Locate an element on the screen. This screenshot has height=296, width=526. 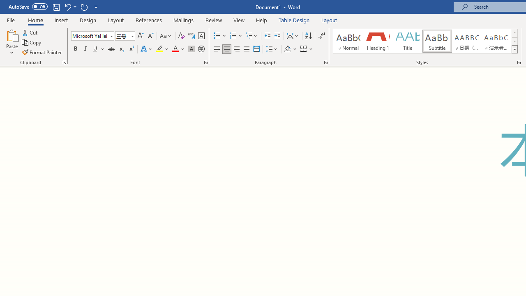
'Shading RGB(0, 0, 0)' is located at coordinates (287, 49).